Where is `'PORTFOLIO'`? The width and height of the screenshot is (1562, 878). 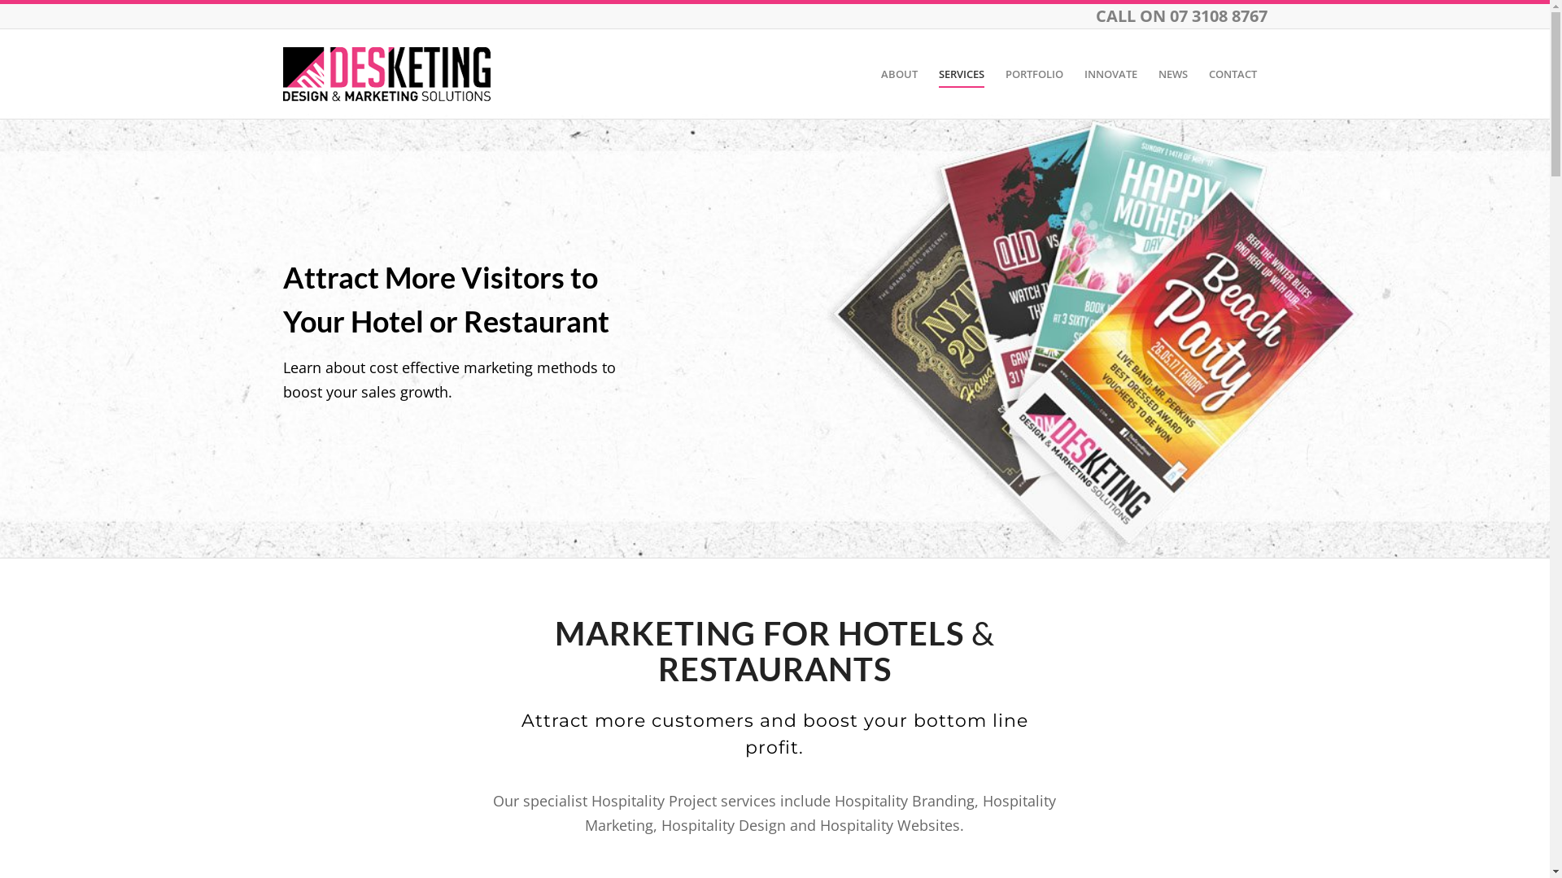
'PORTFOLIO' is located at coordinates (1032, 74).